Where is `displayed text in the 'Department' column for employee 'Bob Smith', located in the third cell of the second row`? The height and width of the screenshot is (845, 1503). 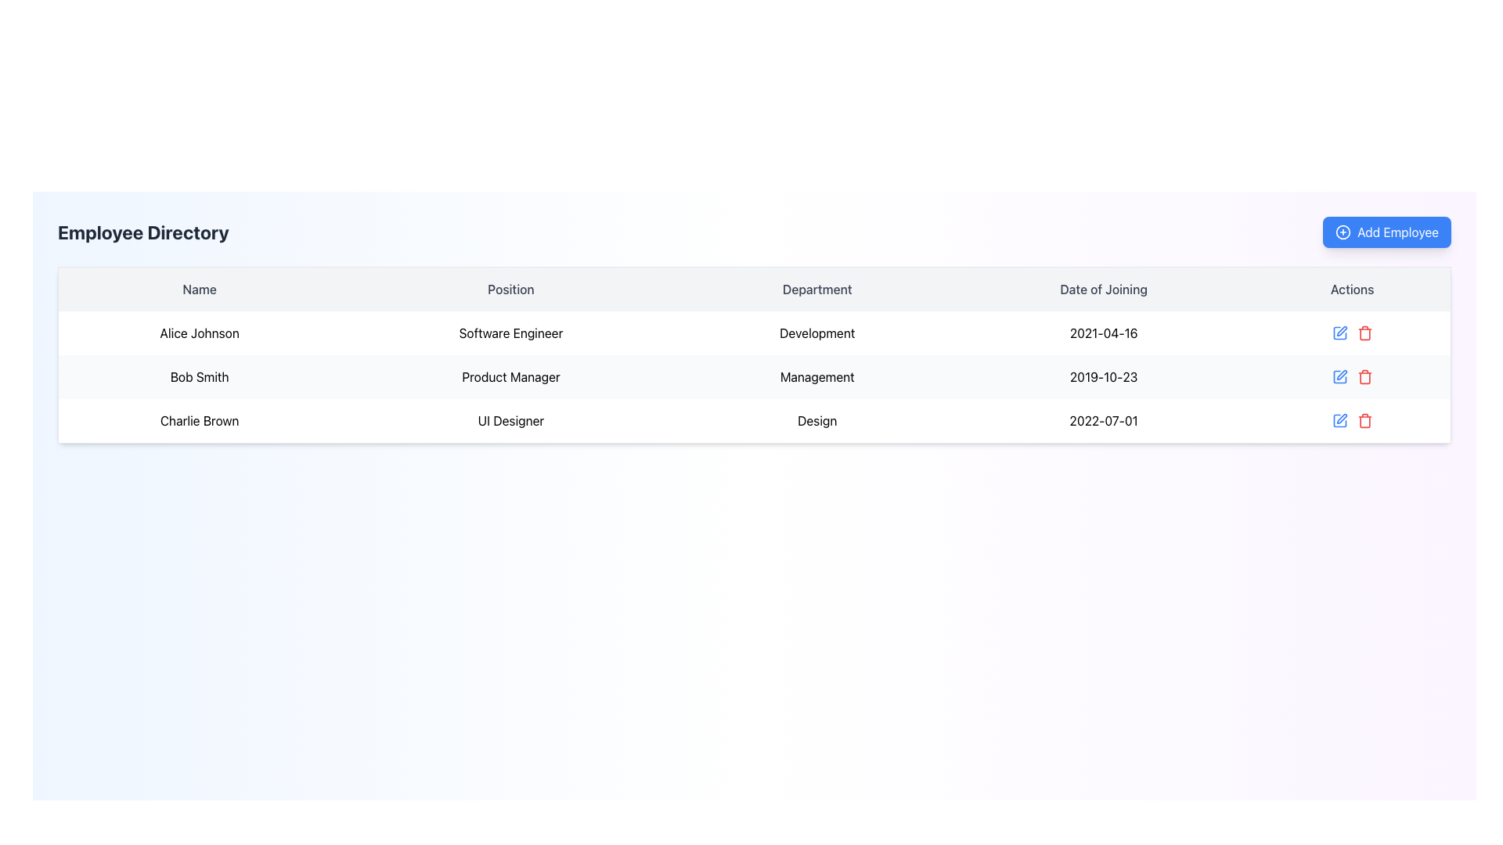 displayed text in the 'Department' column for employee 'Bob Smith', located in the third cell of the second row is located at coordinates (816, 377).